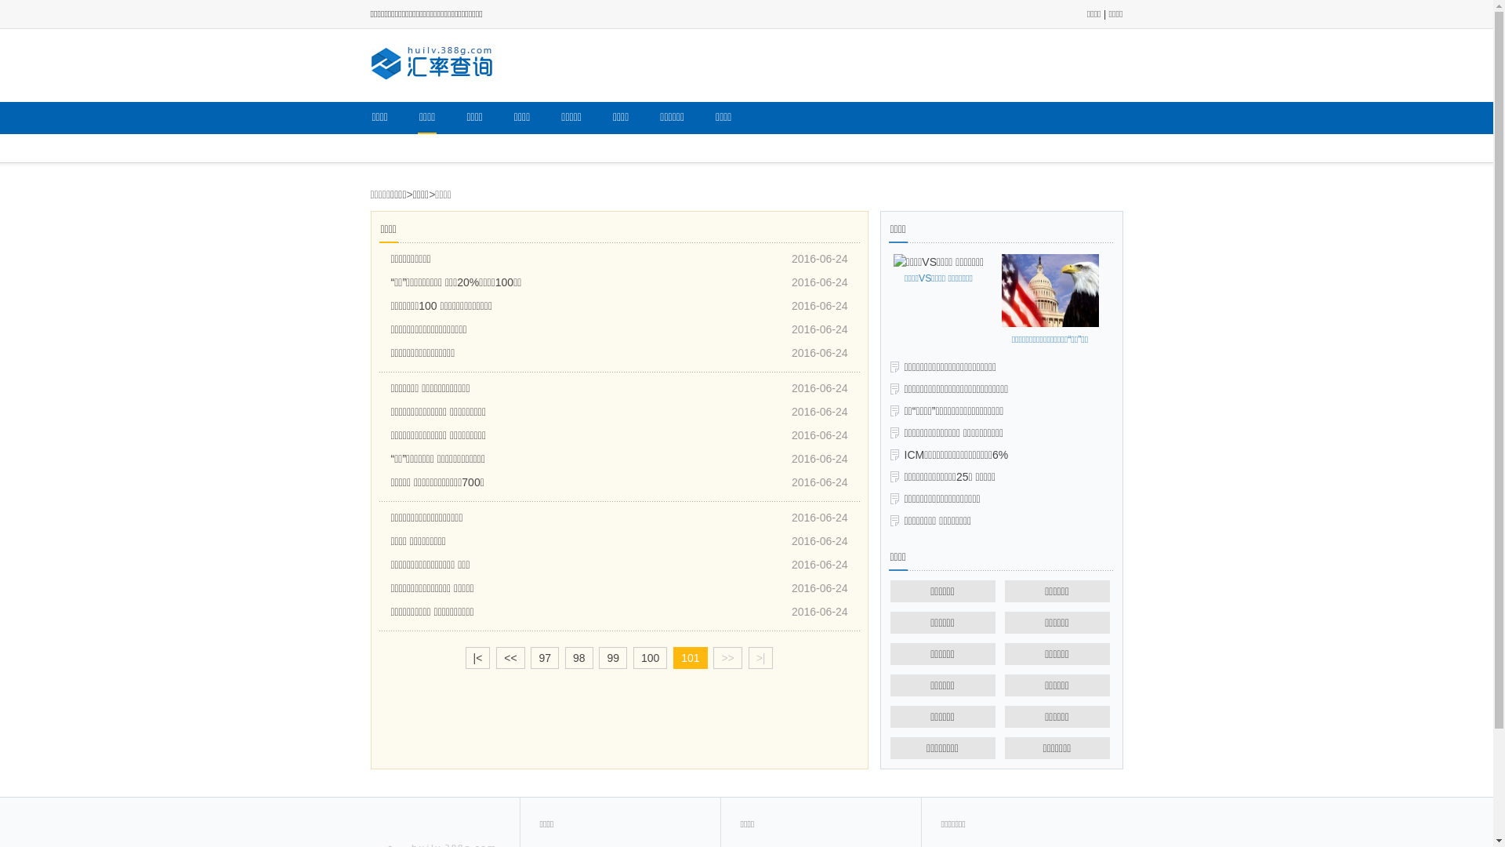  I want to click on '99', so click(597, 658).